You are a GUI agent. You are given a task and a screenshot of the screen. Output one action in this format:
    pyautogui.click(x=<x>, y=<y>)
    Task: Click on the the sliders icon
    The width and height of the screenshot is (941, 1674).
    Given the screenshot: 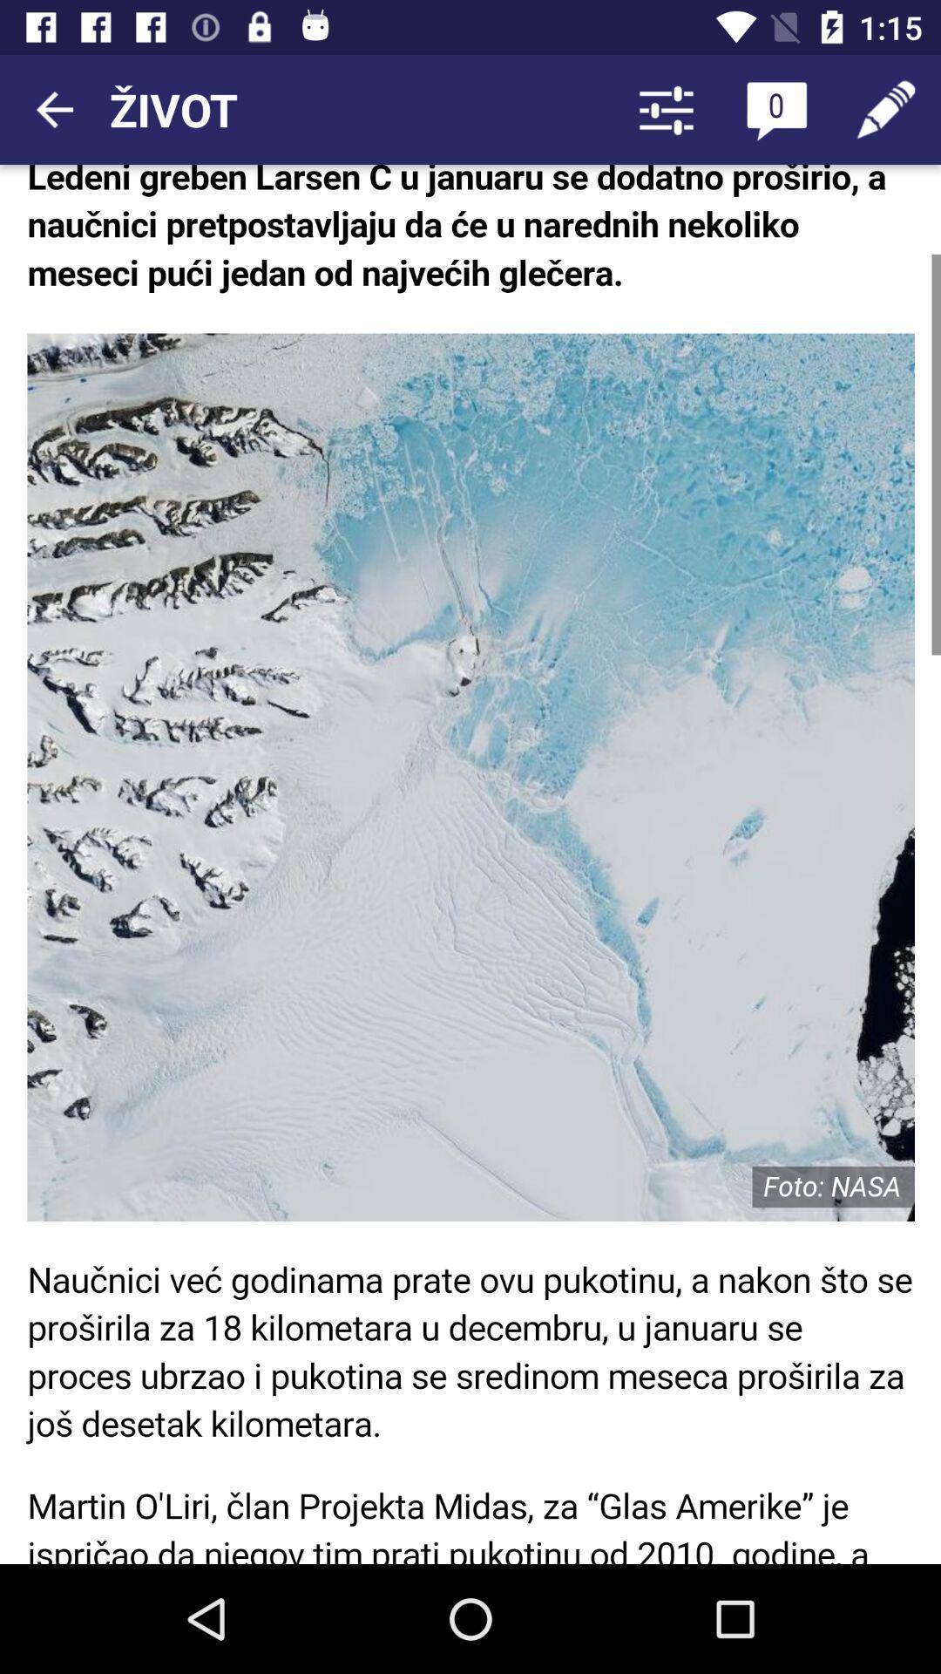 What is the action you would take?
    pyautogui.click(x=666, y=108)
    